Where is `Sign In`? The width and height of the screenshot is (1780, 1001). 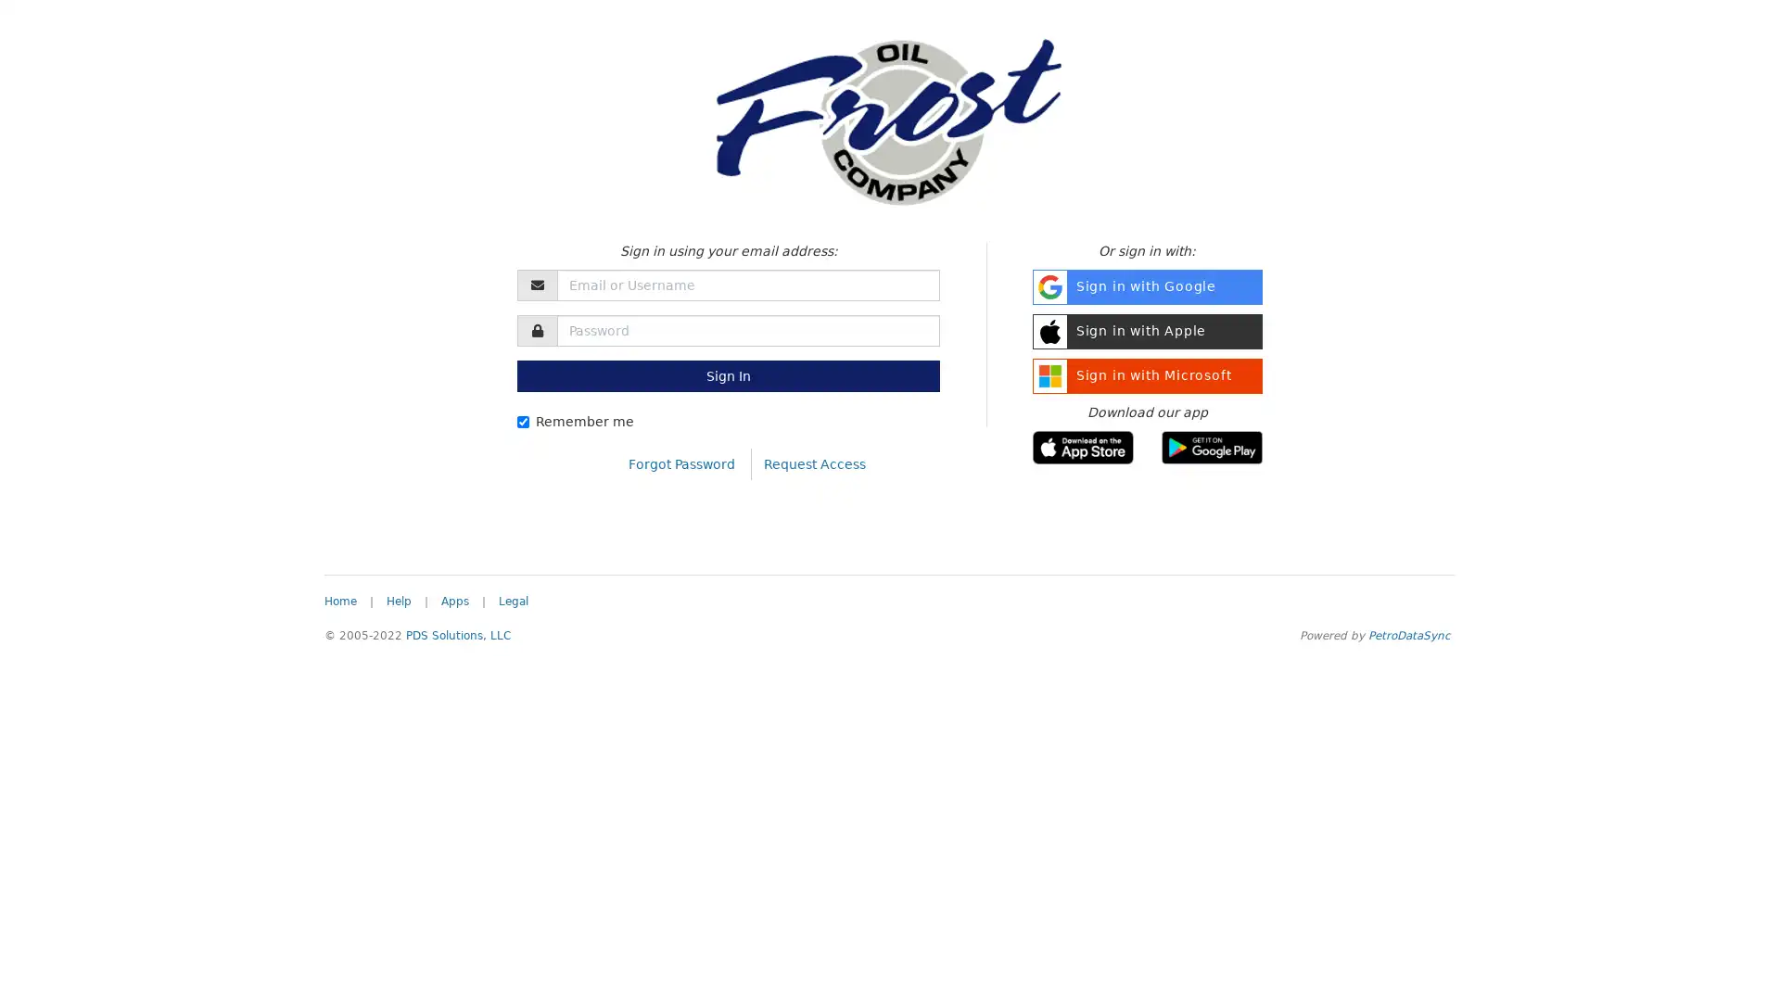
Sign In is located at coordinates (728, 375).